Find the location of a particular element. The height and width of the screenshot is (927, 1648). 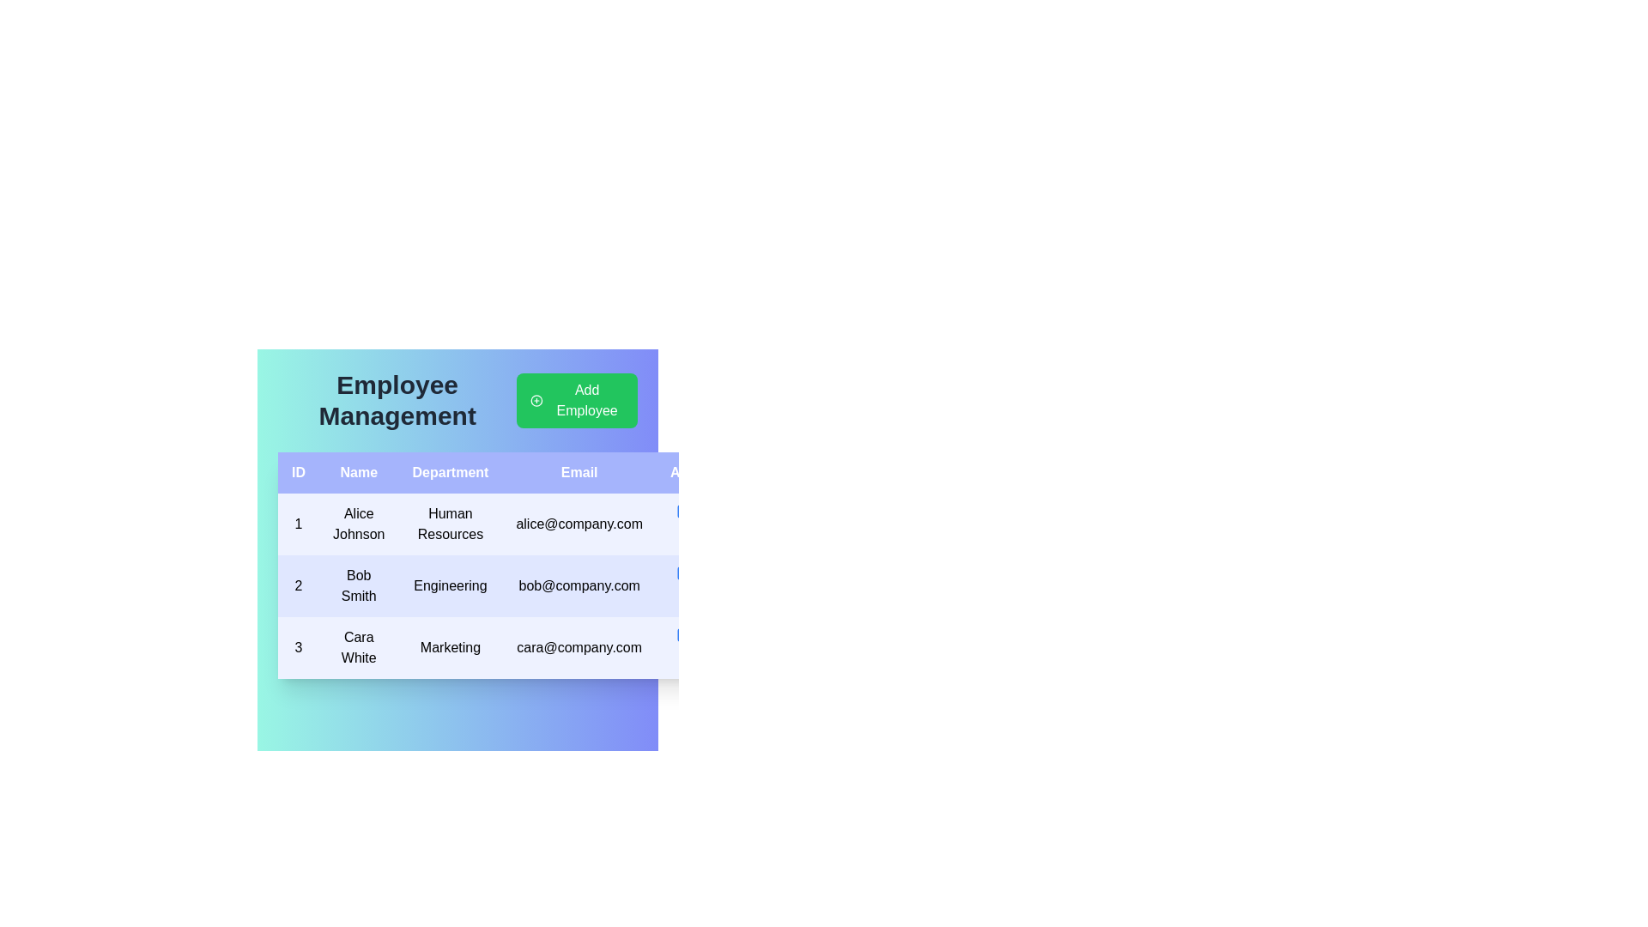

the text label displaying 'Bob Smith' which is located in the second row of the table under the 'Name' column, between the IDs '2' and 'Engineering' is located at coordinates (358, 585).